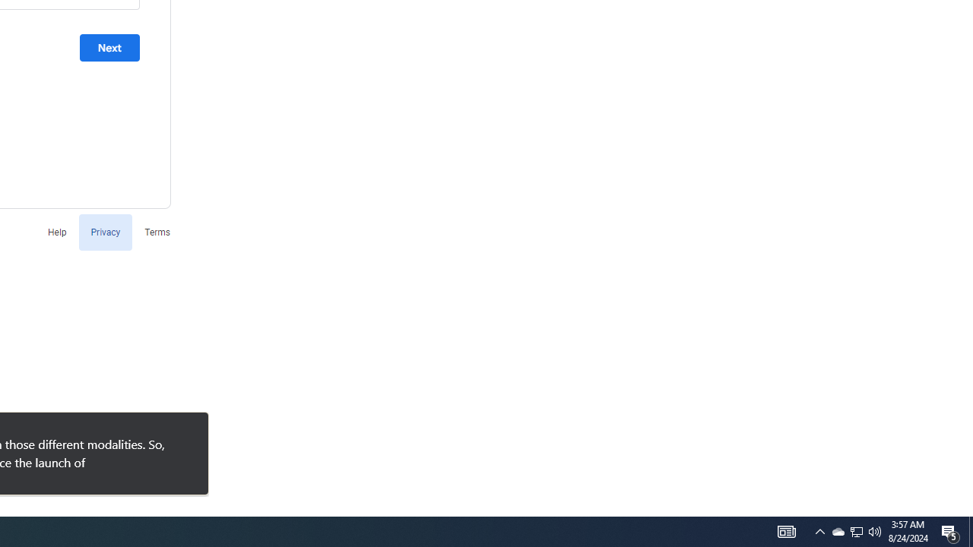 The image size is (973, 547). Describe the element at coordinates (104, 232) in the screenshot. I see `'Privacy'` at that location.